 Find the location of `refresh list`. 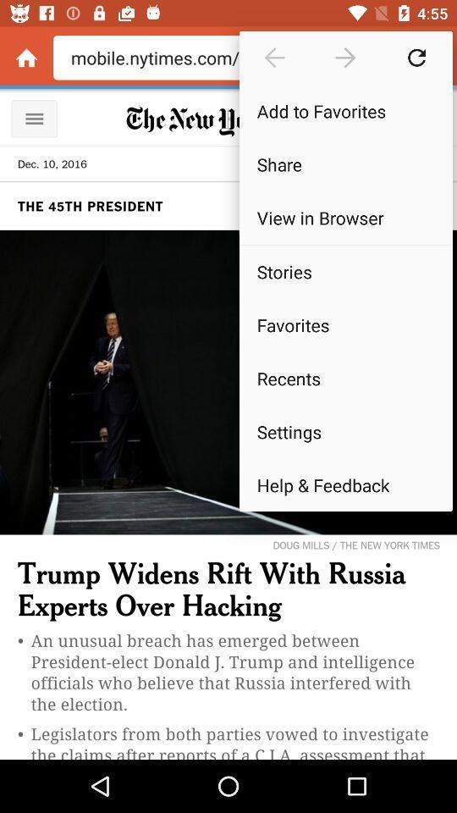

refresh list is located at coordinates (416, 58).